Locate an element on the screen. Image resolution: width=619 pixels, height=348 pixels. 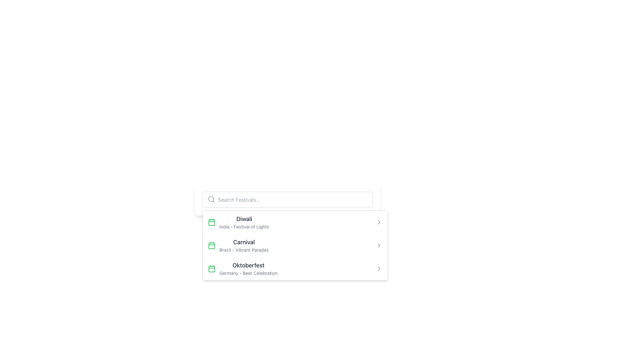
the rightward chevron icon located to the right of the 'Carnival' list item is located at coordinates (379, 246).